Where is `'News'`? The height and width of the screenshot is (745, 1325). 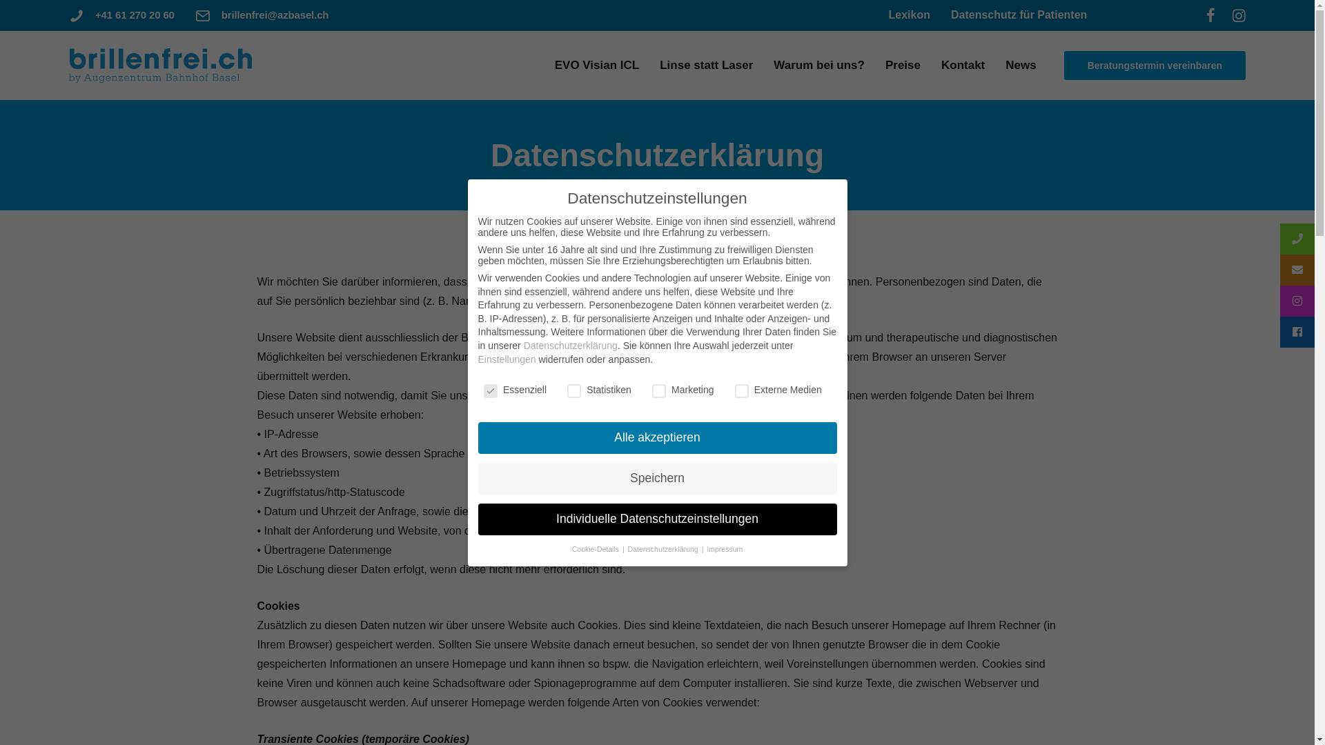
'News' is located at coordinates (1020, 65).